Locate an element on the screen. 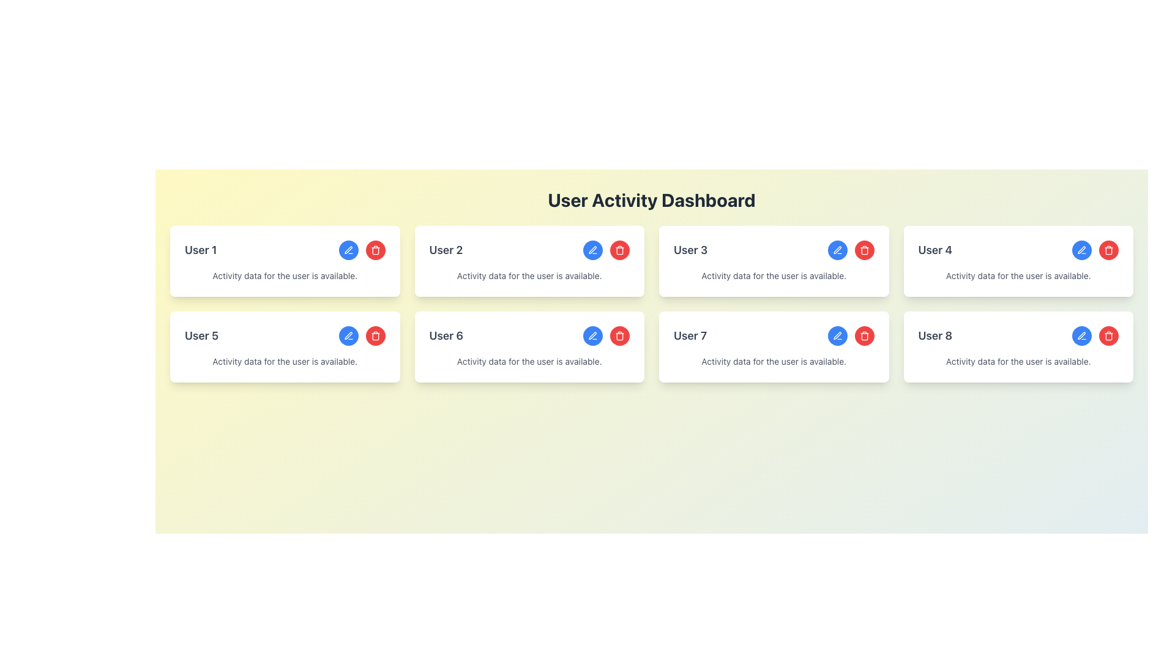 This screenshot has width=1175, height=661. the first button in the group located at the top-right corner of the user information card associated with 'User 7' is located at coordinates (837, 335).